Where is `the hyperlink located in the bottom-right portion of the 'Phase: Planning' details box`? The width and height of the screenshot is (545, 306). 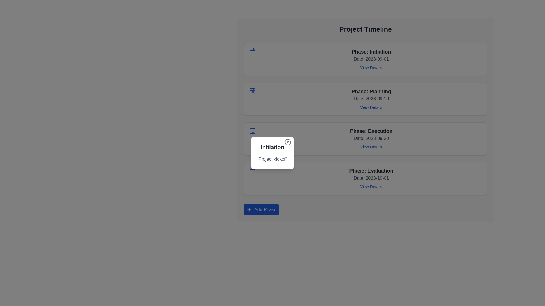
the hyperlink located in the bottom-right portion of the 'Phase: Planning' details box is located at coordinates (371, 107).